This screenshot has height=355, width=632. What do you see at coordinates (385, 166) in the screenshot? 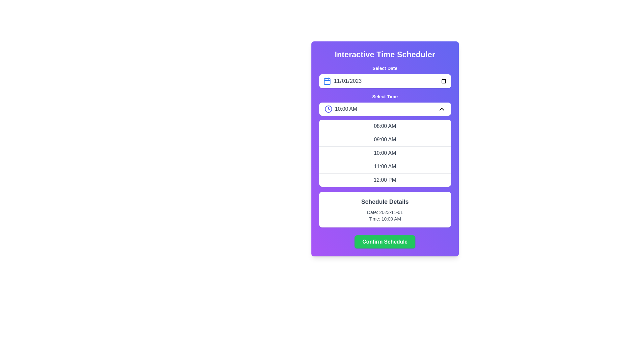
I see `the selectable text item displaying '11:00 AM' in light gray font color, positioned as the fourth option in the dropdown list of time selections` at bounding box center [385, 166].